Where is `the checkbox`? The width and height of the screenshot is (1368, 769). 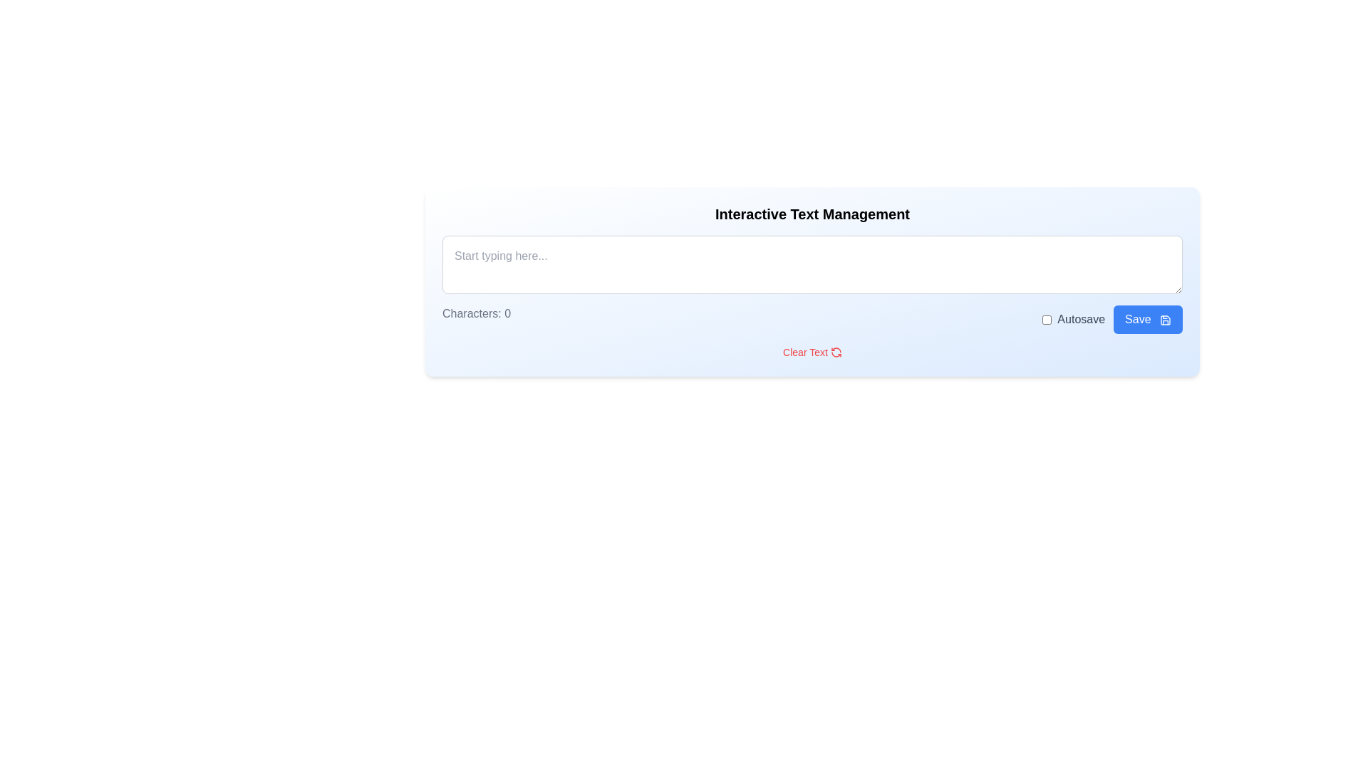 the checkbox is located at coordinates (1047, 318).